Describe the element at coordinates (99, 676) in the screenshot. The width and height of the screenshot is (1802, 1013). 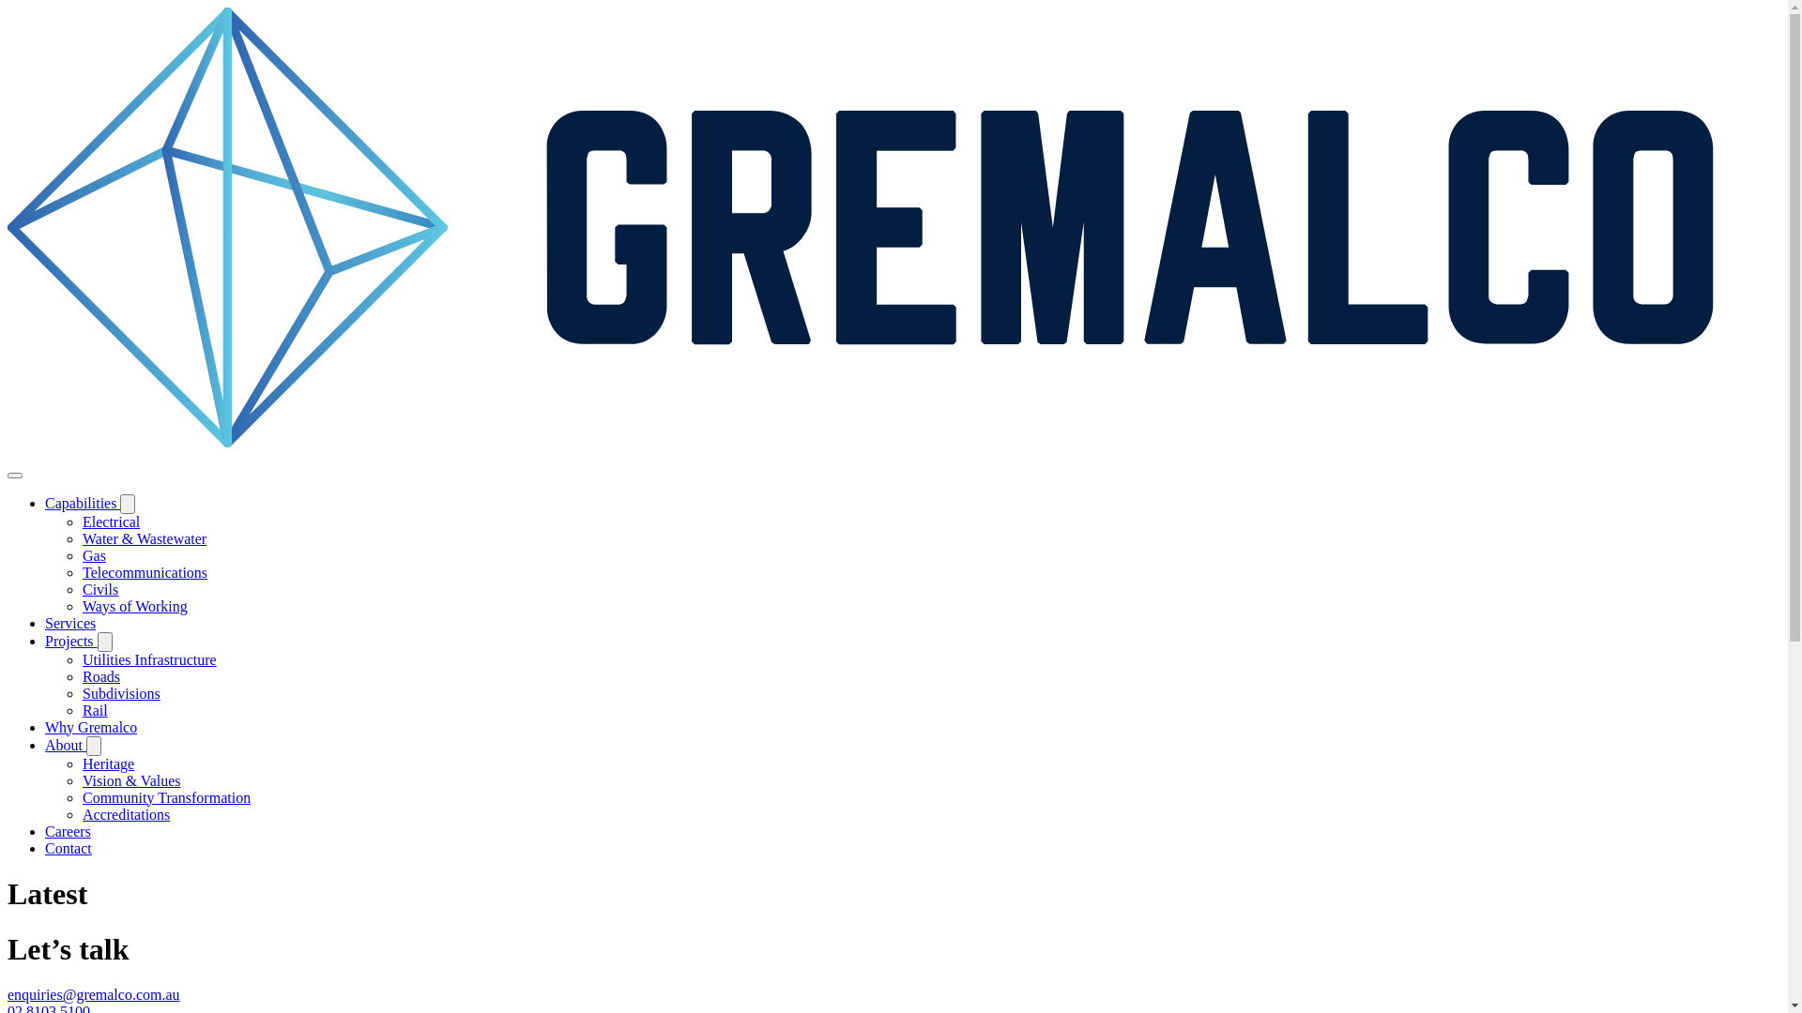
I see `'Roads'` at that location.